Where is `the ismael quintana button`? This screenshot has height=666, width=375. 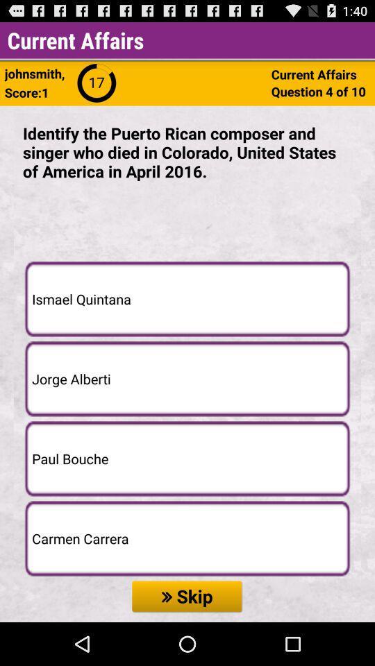 the ismael quintana button is located at coordinates (187, 299).